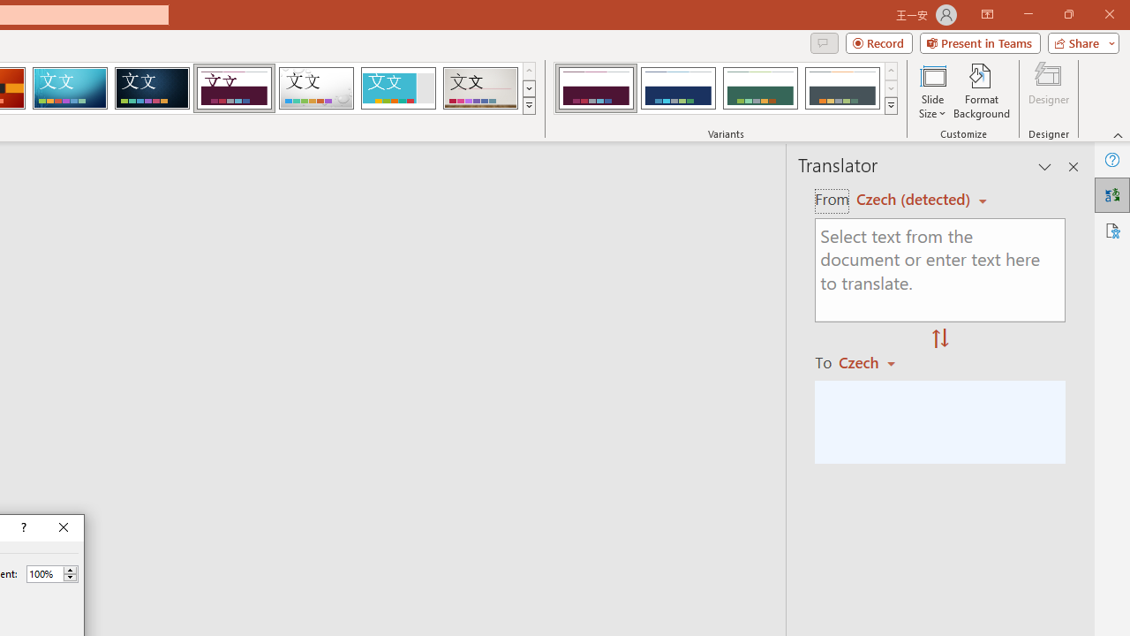 This screenshot has height=636, width=1130. Describe the element at coordinates (875, 361) in the screenshot. I see `'Czech'` at that location.